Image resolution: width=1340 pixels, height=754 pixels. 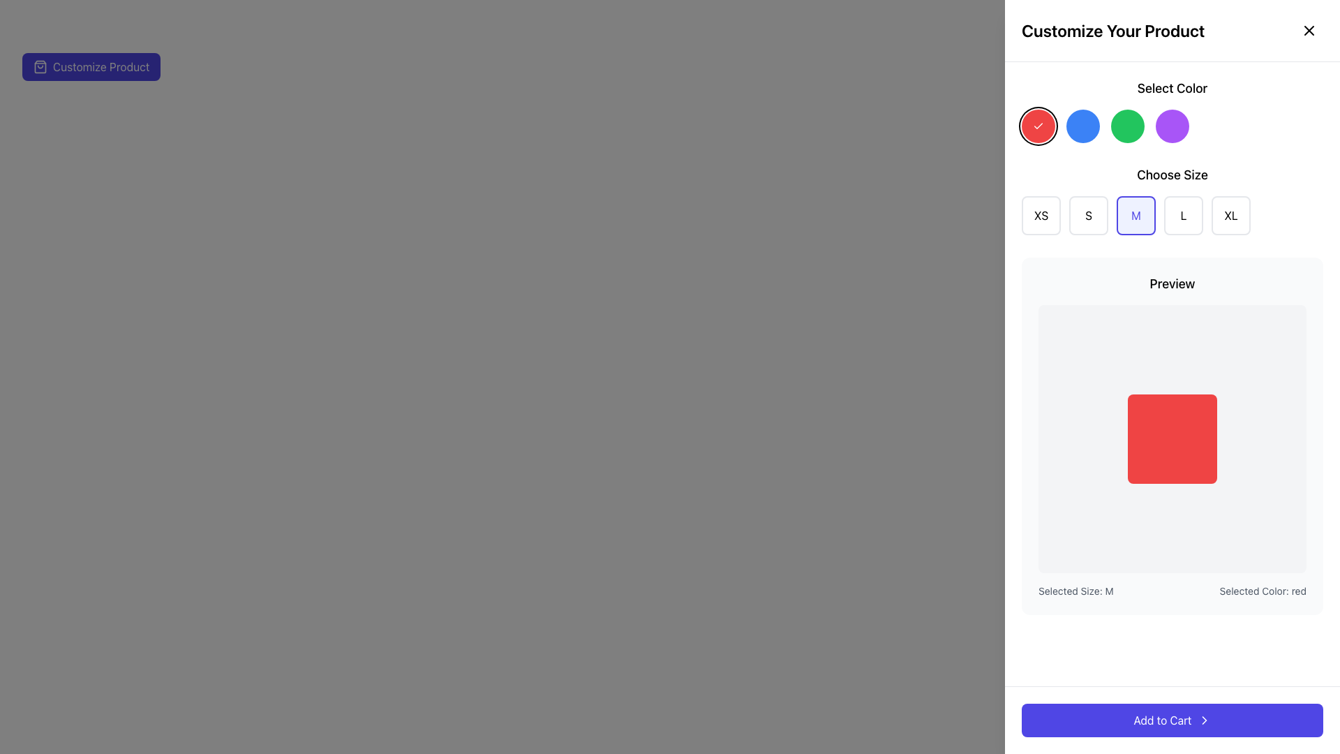 I want to click on the close button icon located at the top right corner of the right-hand side panel to trigger its hover effects, so click(x=1309, y=30).